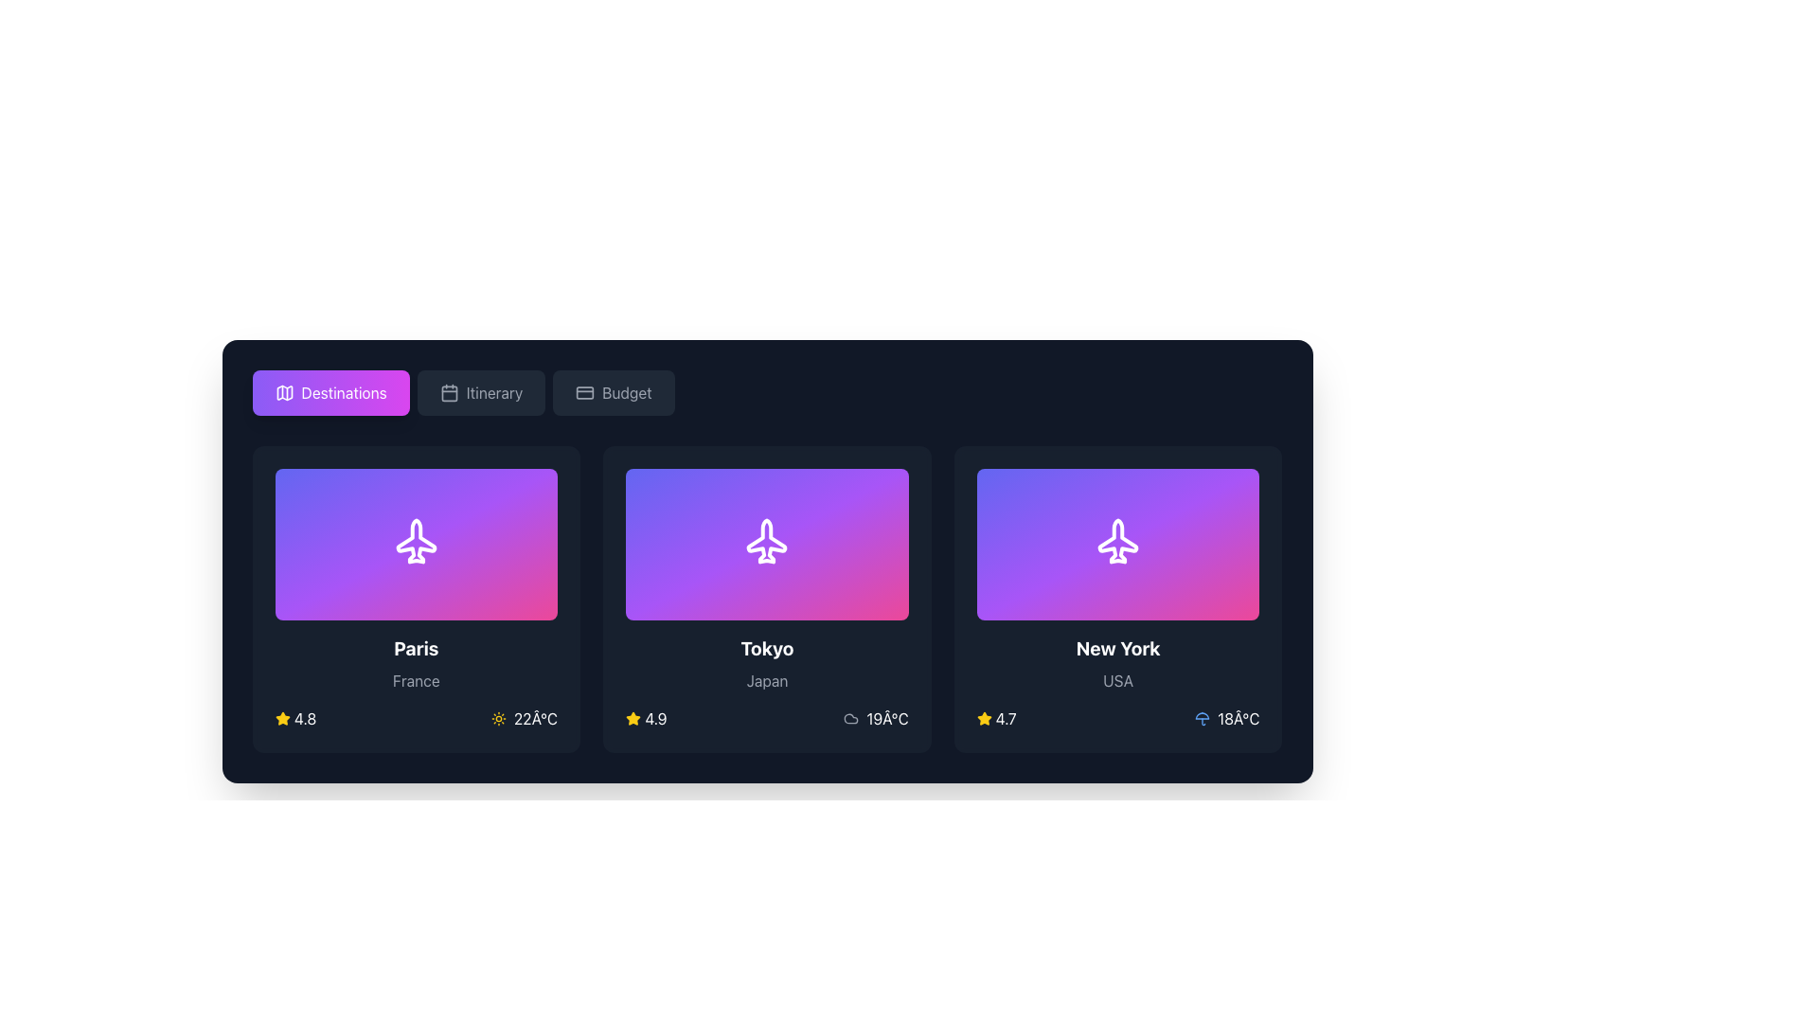  I want to click on the blue-colored umbrella icon next to the temperature label '18°C' at the bottom-right corner of the New York weather card, so click(1202, 719).